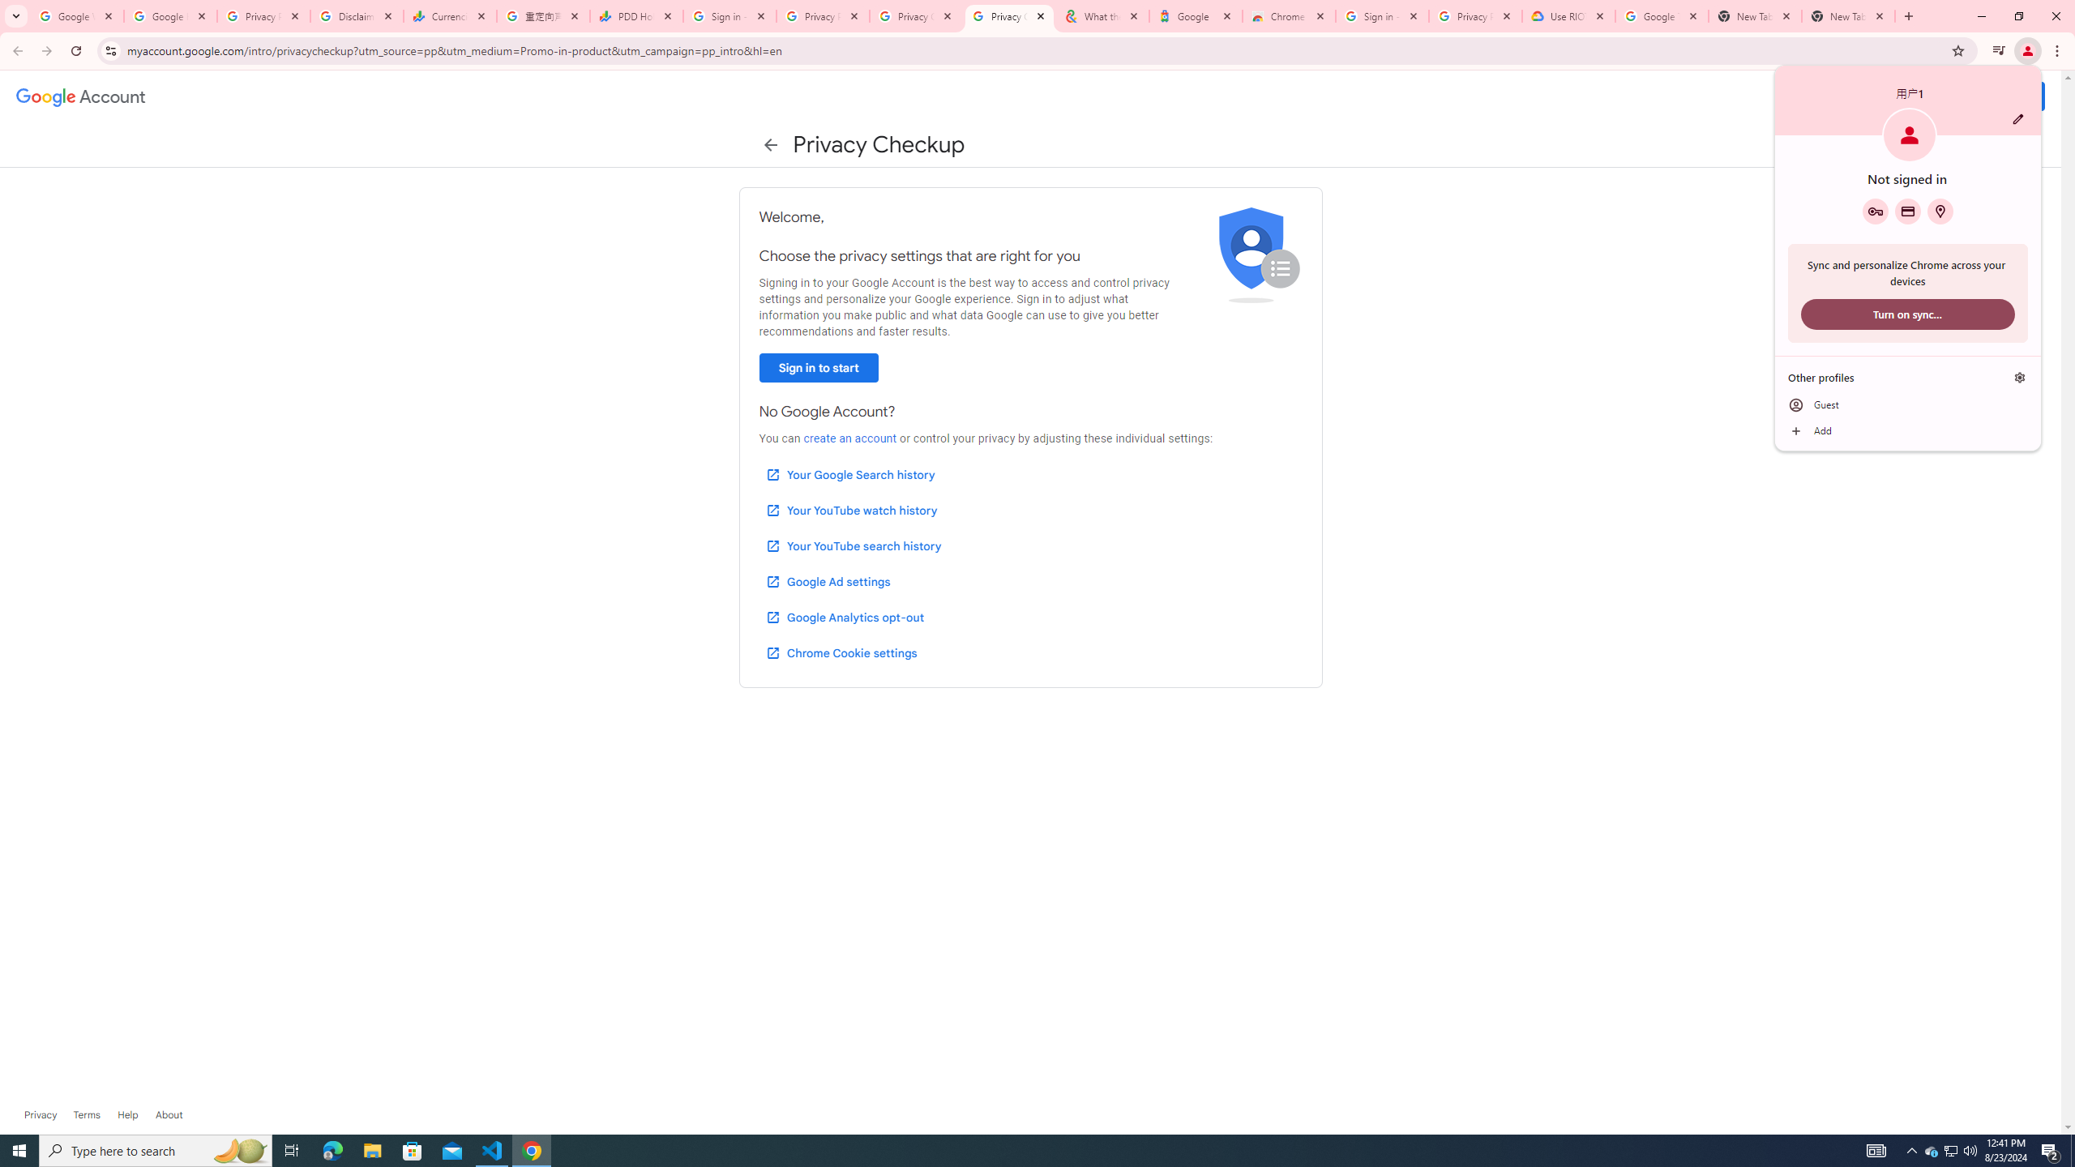  I want to click on 'Manage profiles', so click(2019, 378).